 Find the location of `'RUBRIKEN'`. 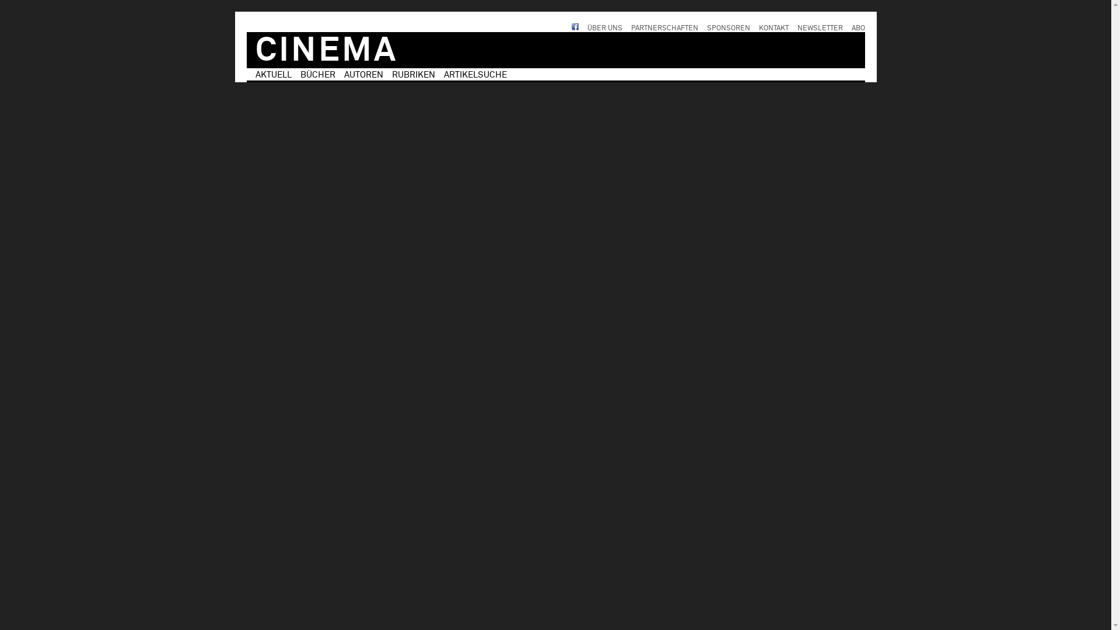

'RUBRIKEN' is located at coordinates (414, 75).